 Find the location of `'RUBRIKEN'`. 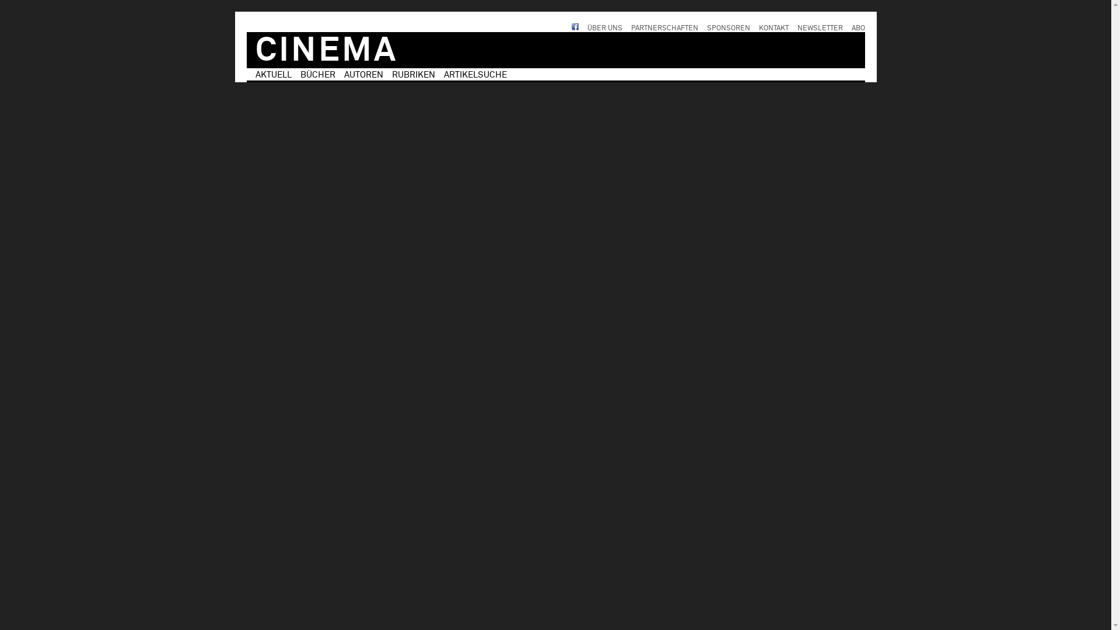

'RUBRIKEN' is located at coordinates (414, 75).